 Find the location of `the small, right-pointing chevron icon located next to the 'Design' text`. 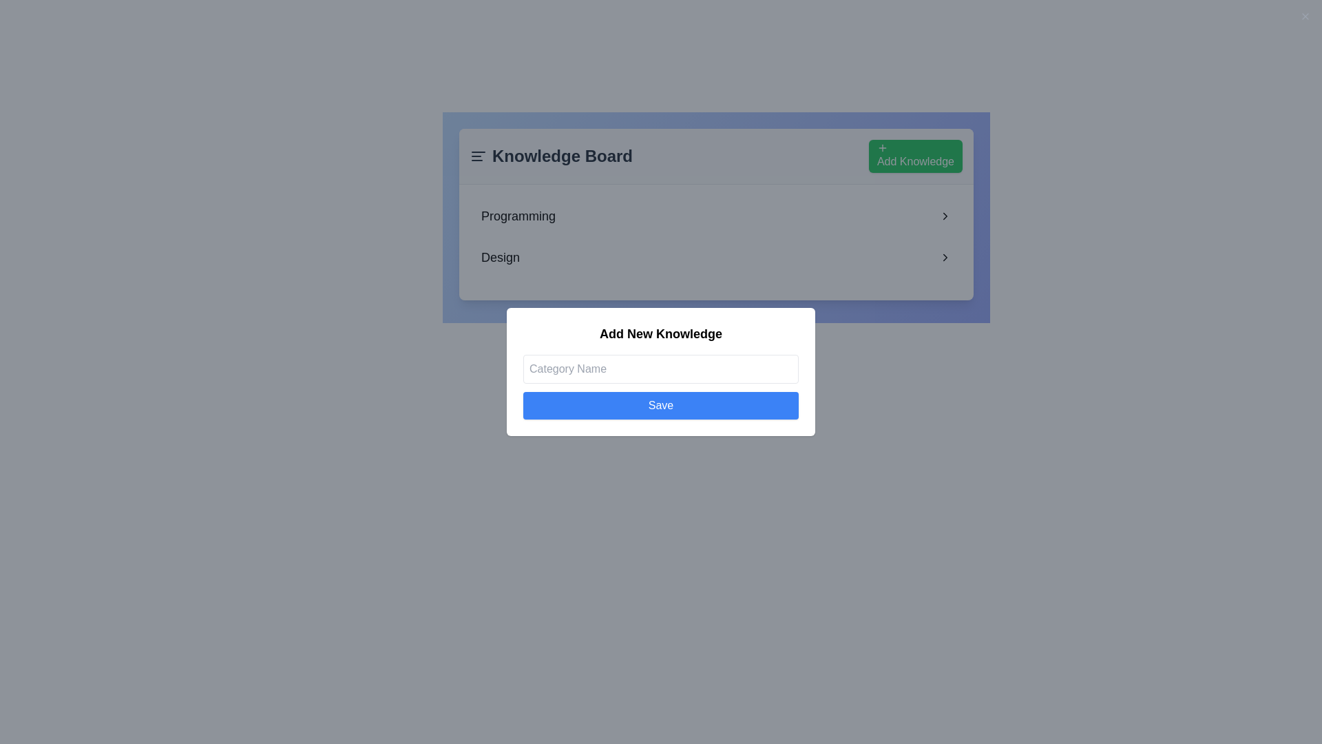

the small, right-pointing chevron icon located next to the 'Design' text is located at coordinates (944, 258).